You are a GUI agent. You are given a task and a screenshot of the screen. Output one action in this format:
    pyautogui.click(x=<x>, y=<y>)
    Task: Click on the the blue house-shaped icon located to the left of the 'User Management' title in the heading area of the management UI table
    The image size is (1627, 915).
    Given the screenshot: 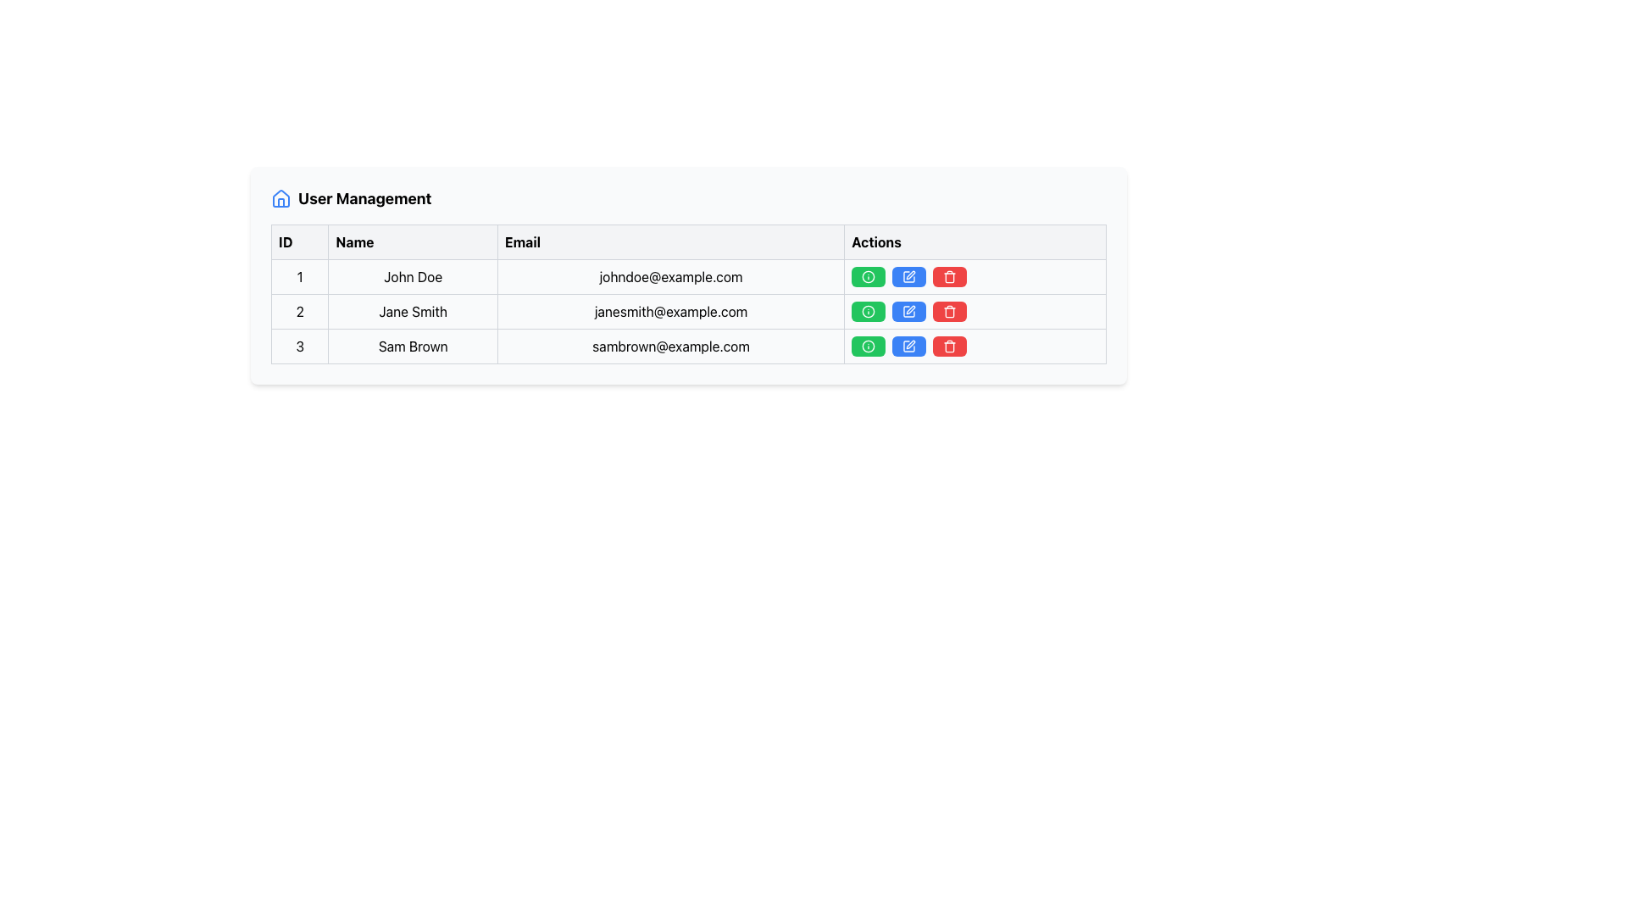 What is the action you would take?
    pyautogui.click(x=280, y=197)
    